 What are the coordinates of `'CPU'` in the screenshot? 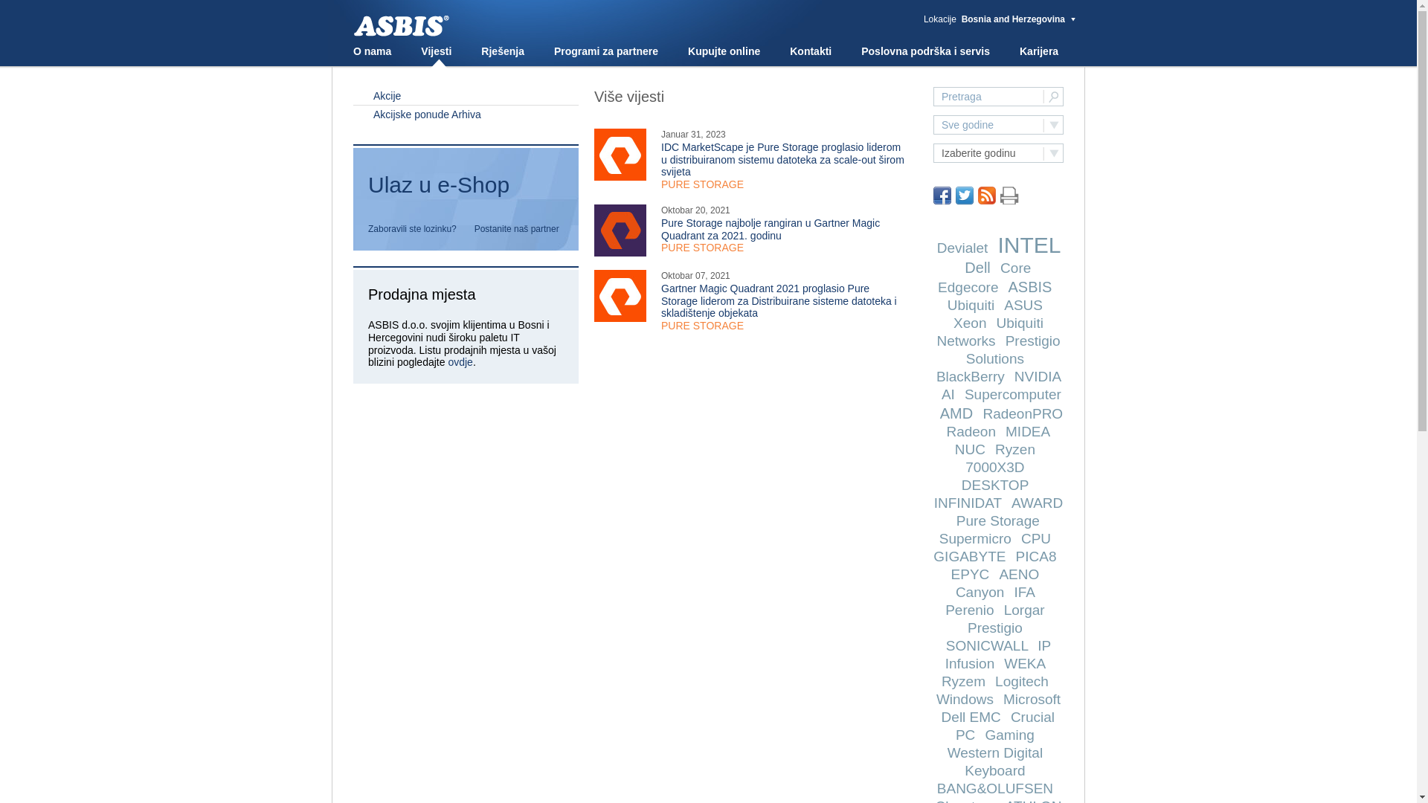 It's located at (1035, 538).